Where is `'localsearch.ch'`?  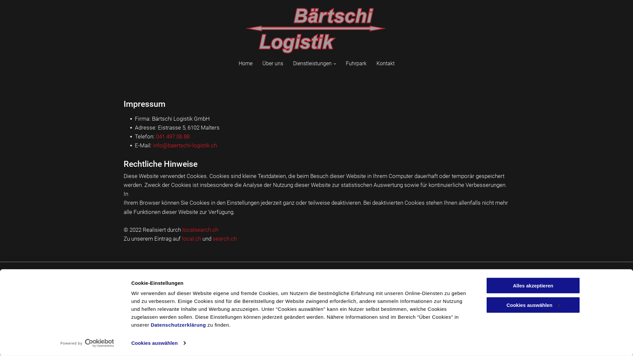
'localsearch.ch' is located at coordinates (200, 229).